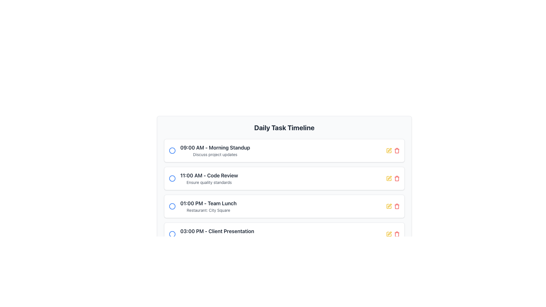  Describe the element at coordinates (203, 206) in the screenshot. I see `the text block displaying event details "01:00 PM - Team Lunch" in bold, which is the third item in the task list` at that location.